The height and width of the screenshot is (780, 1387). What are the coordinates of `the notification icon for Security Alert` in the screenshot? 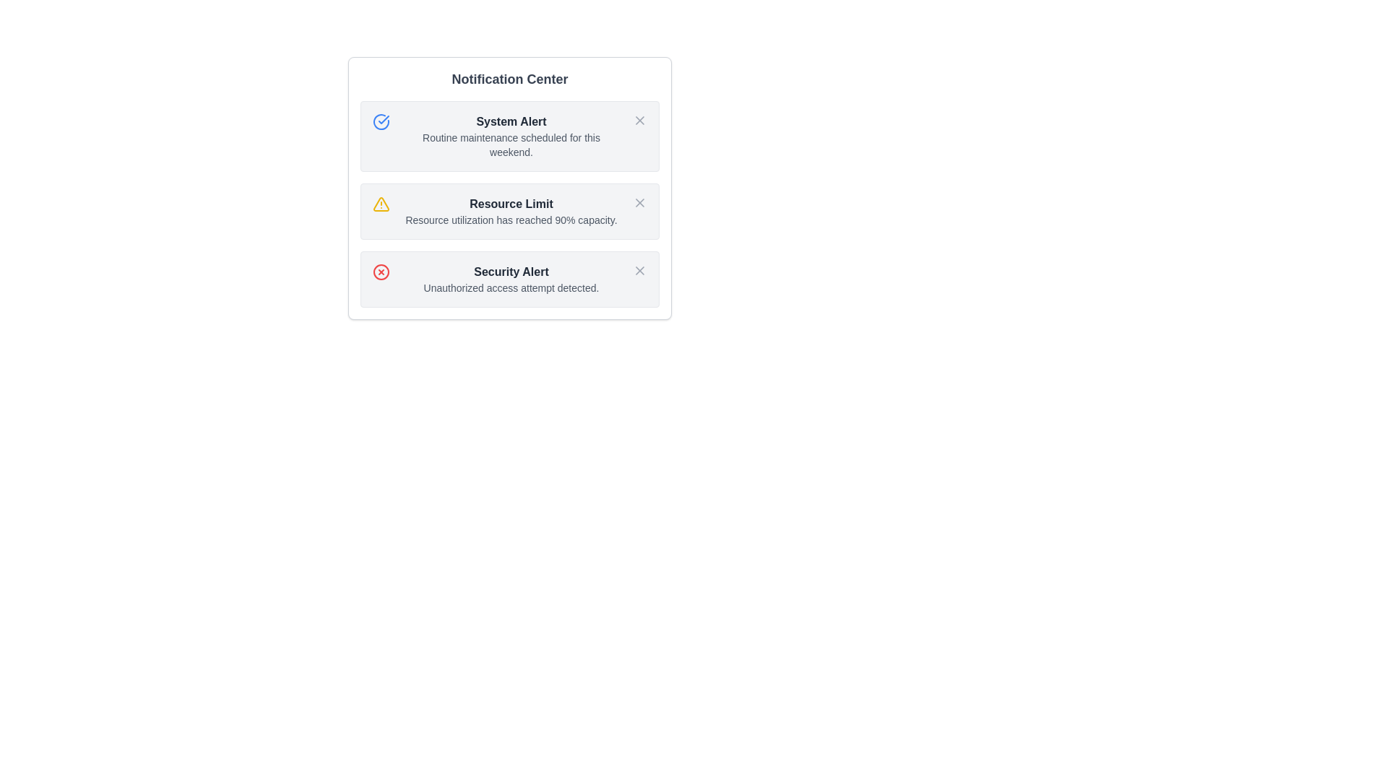 It's located at (381, 272).